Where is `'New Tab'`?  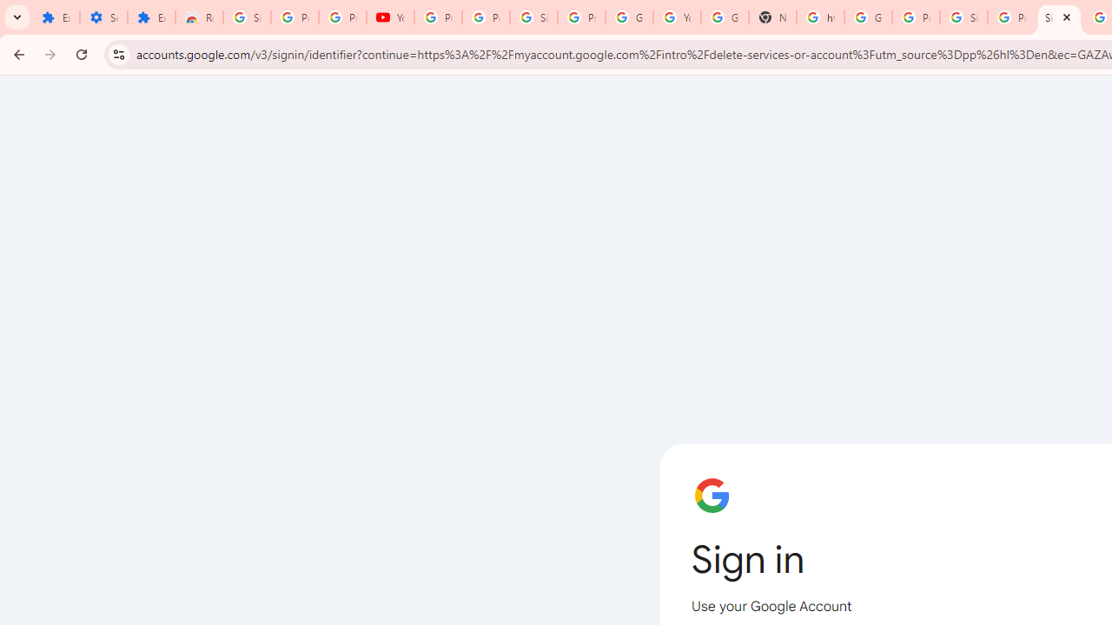 'New Tab' is located at coordinates (771, 17).